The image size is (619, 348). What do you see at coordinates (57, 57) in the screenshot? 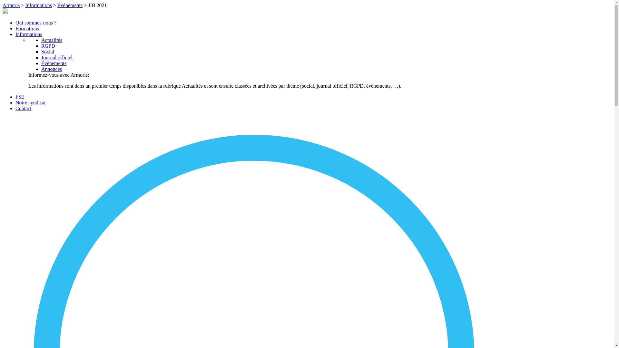
I see `'Journal officiel'` at bounding box center [57, 57].